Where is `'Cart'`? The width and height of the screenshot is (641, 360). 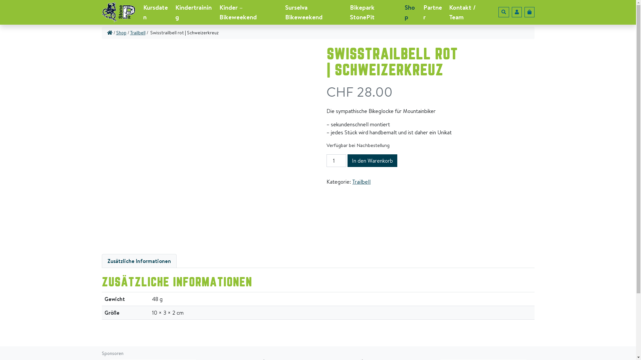 'Cart' is located at coordinates (523, 12).